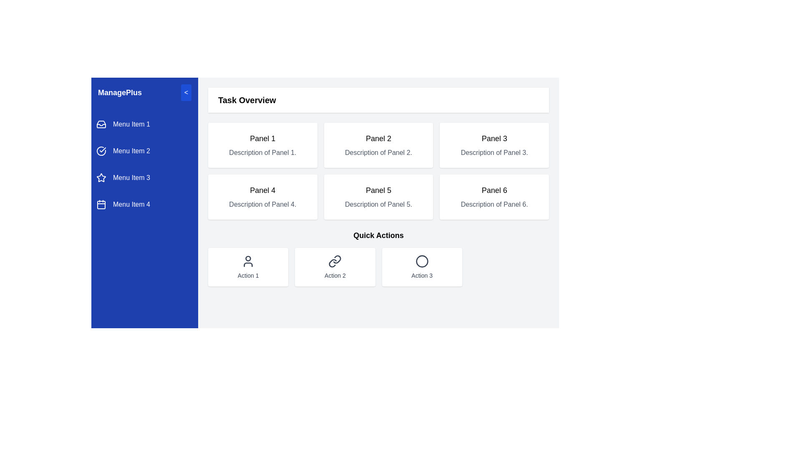  Describe the element at coordinates (101, 124) in the screenshot. I see `the uppermost icon representing the first menu item in the vertical navigation menu on the left sidebar, located next to the text 'Menu Item 1'` at that location.